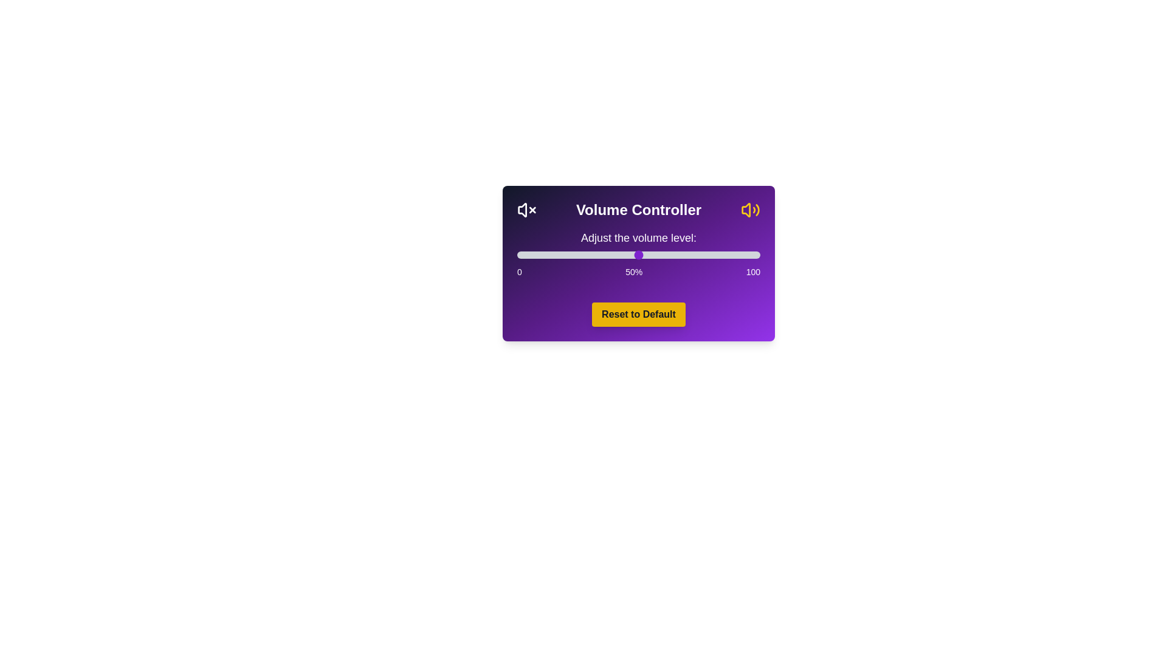 The image size is (1167, 656). Describe the element at coordinates (662, 255) in the screenshot. I see `the volume slider to set the volume to 60%` at that location.